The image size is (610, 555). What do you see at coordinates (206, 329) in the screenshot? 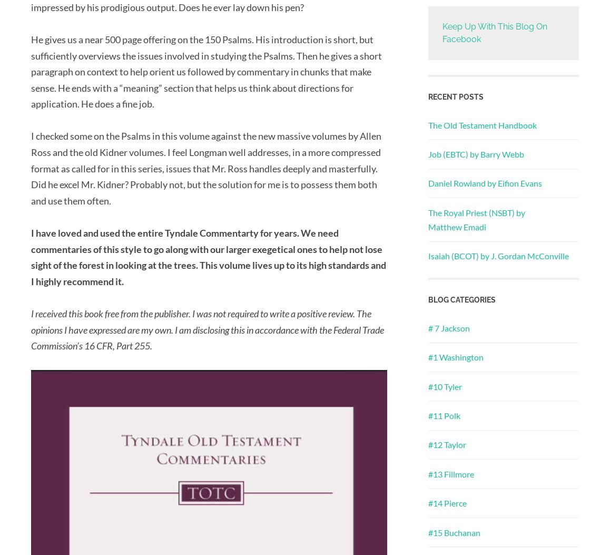
I see `'I received this book free from the publisher. I was not required to write a positive review. The opinions I have expressed are my own. I am disclosing this in accordance with the Federal Trade Commission’s 16 CFR, Part 255.'` at bounding box center [206, 329].